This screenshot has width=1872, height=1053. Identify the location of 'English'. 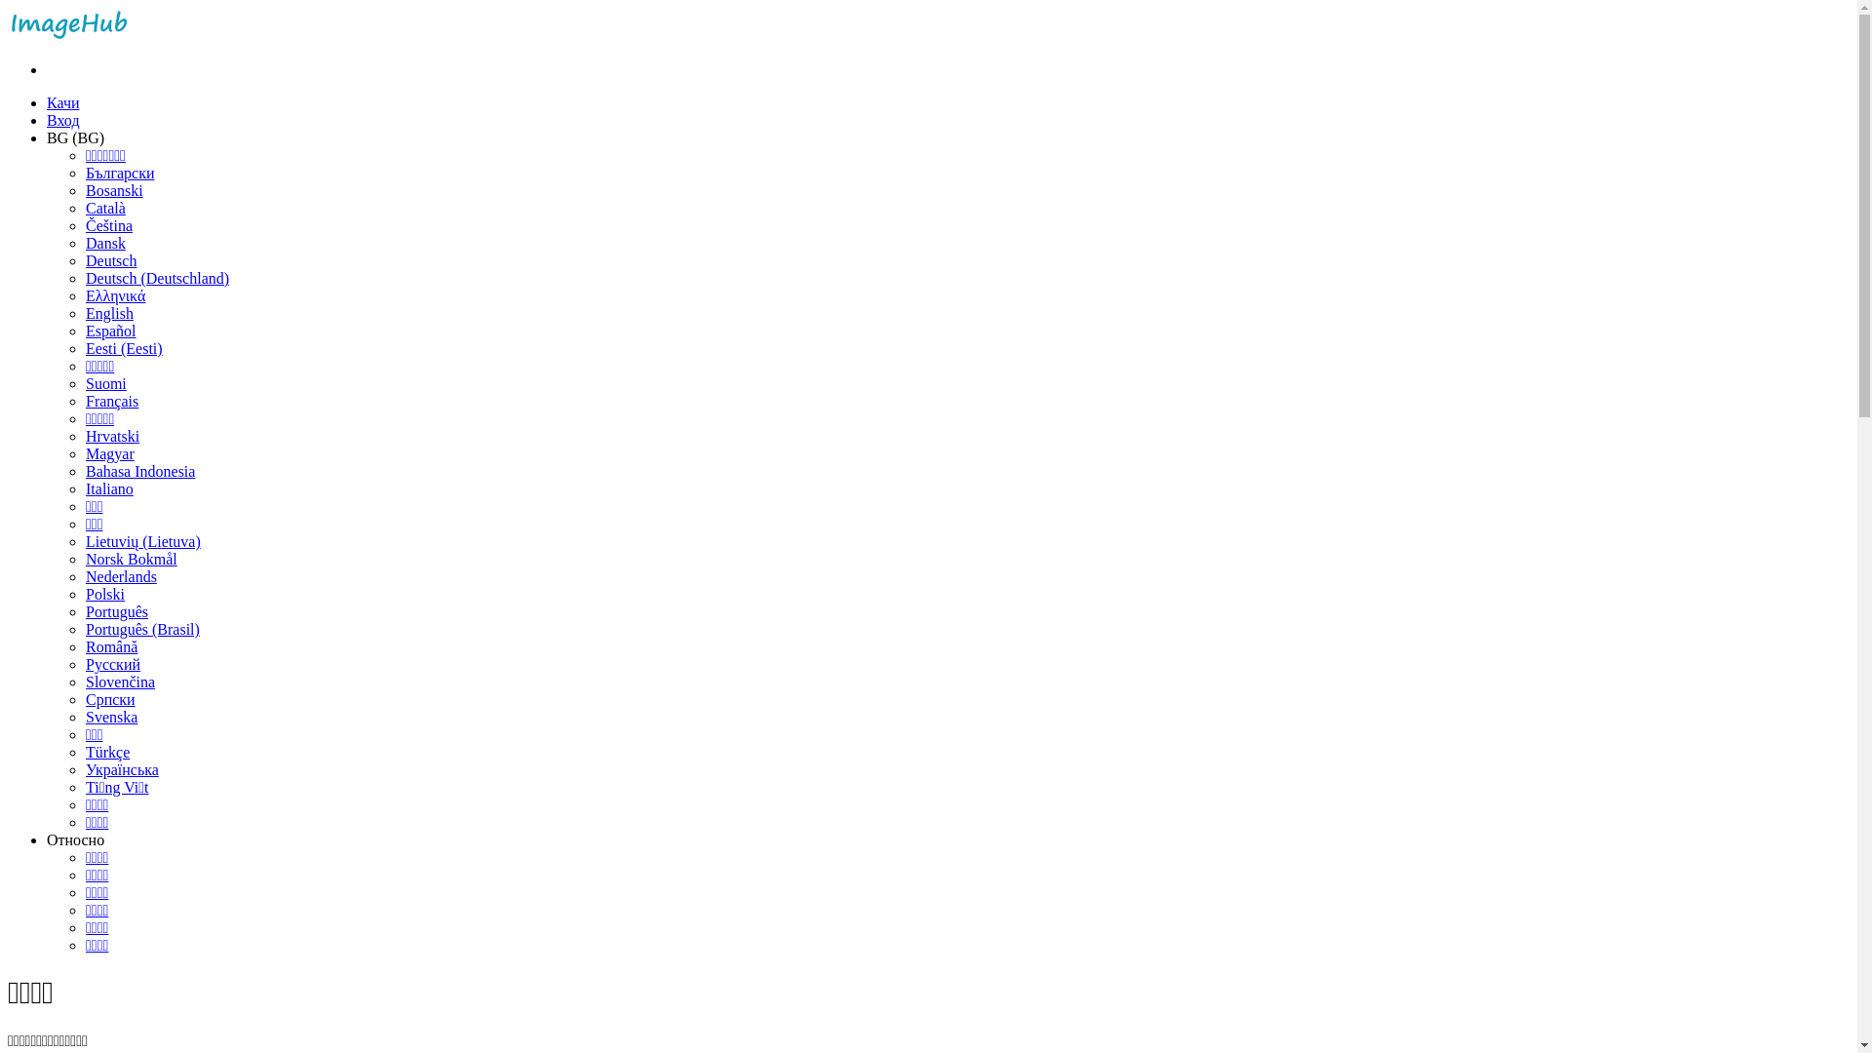
(108, 312).